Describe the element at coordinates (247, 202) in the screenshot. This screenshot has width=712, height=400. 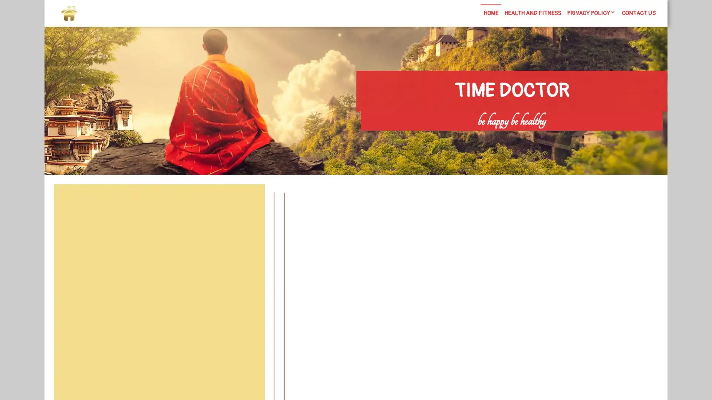
I see `Search` at that location.